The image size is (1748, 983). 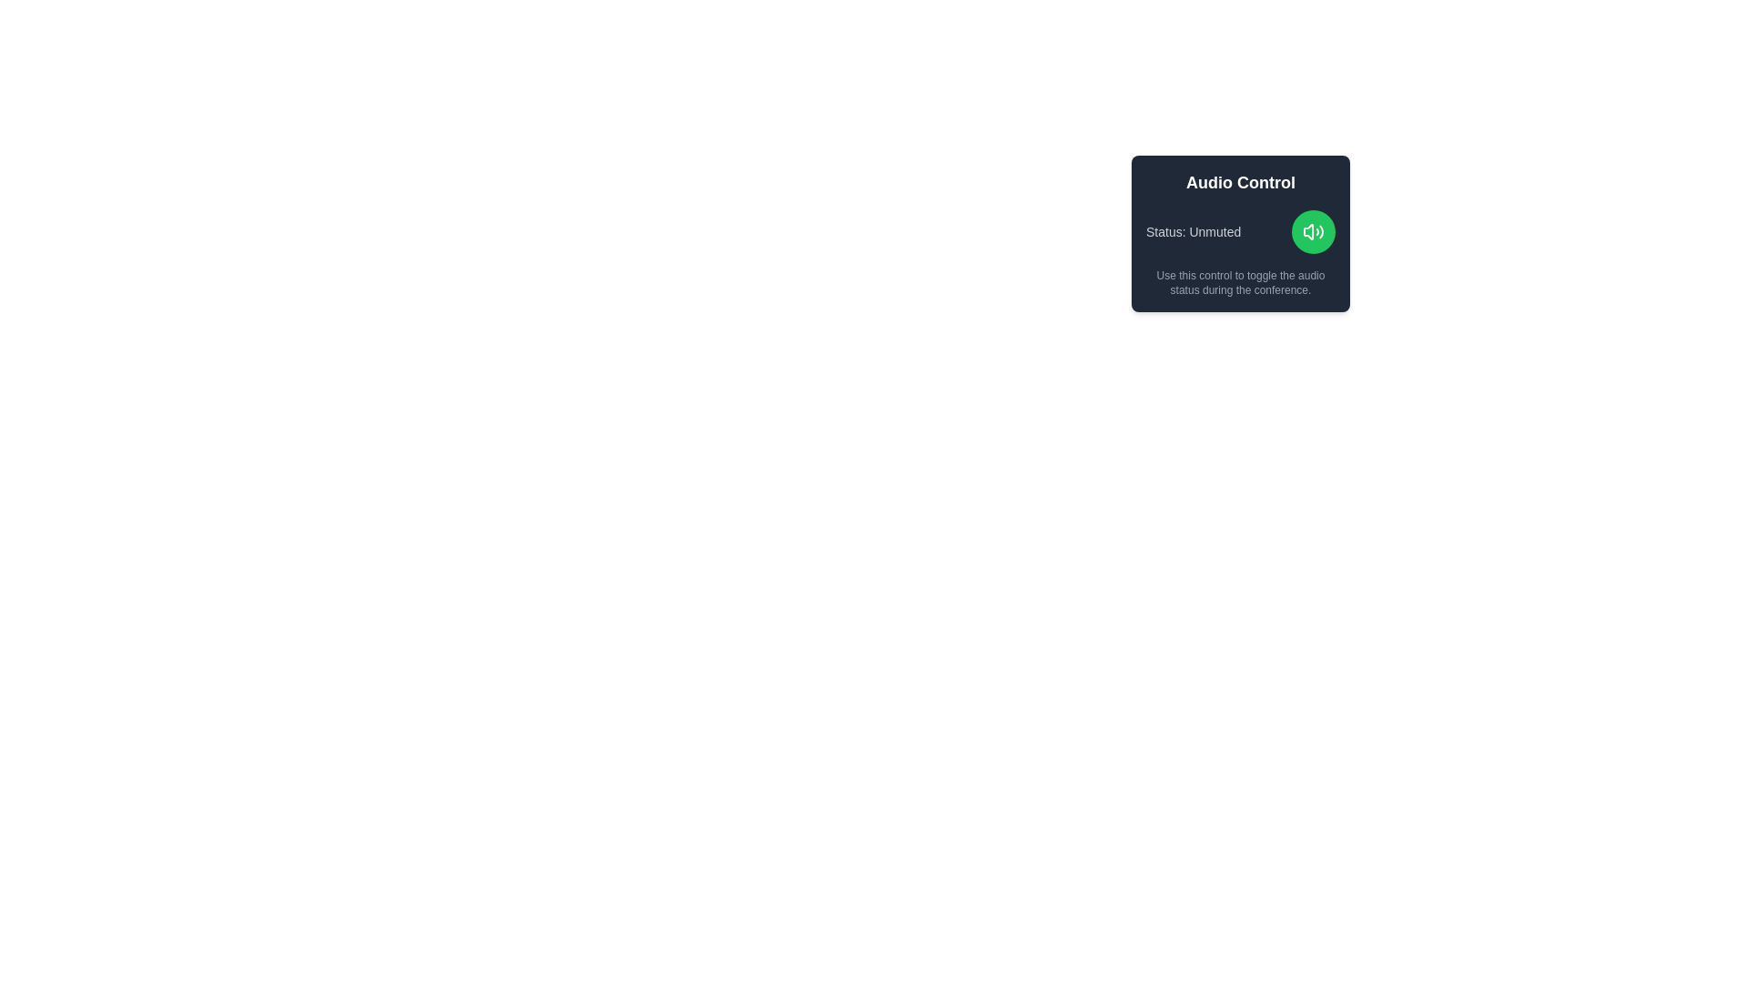 What do you see at coordinates (1194, 230) in the screenshot?
I see `the 'Unmuted' text label that indicates the current audio status, which is located to the left of the green circular button with a volume icon in the 'Audio Control' card` at bounding box center [1194, 230].